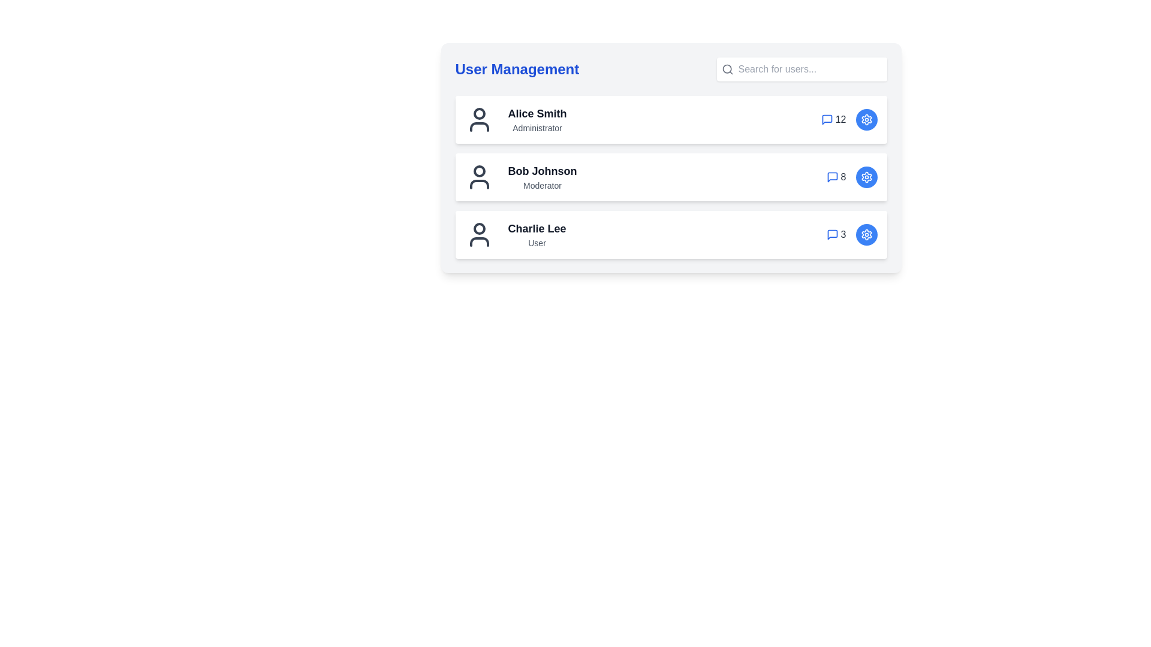  What do you see at coordinates (478, 177) in the screenshot?
I see `the user icon for Bob Johnson to view their details` at bounding box center [478, 177].